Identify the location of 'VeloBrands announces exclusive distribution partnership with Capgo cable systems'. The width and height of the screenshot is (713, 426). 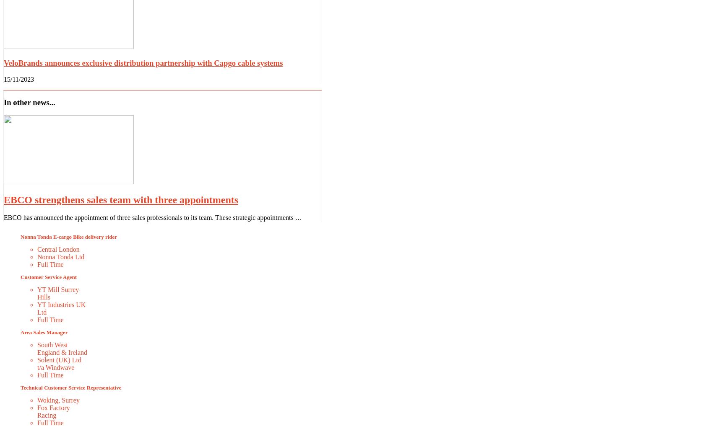
(4, 62).